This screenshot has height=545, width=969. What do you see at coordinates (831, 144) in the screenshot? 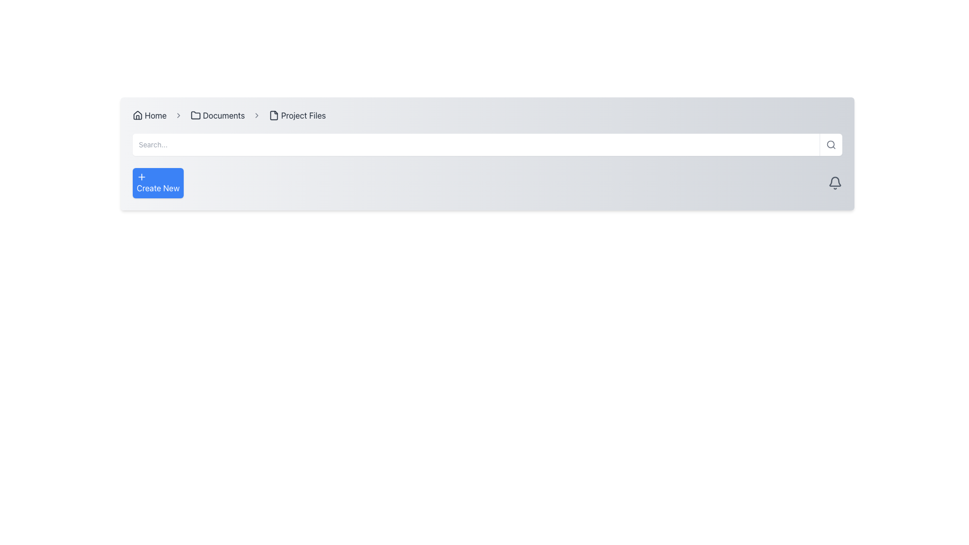
I see `the decorative SVG Circle that represents the search functionality, located inside the magnifying glass icon on the right side of the search input field` at bounding box center [831, 144].